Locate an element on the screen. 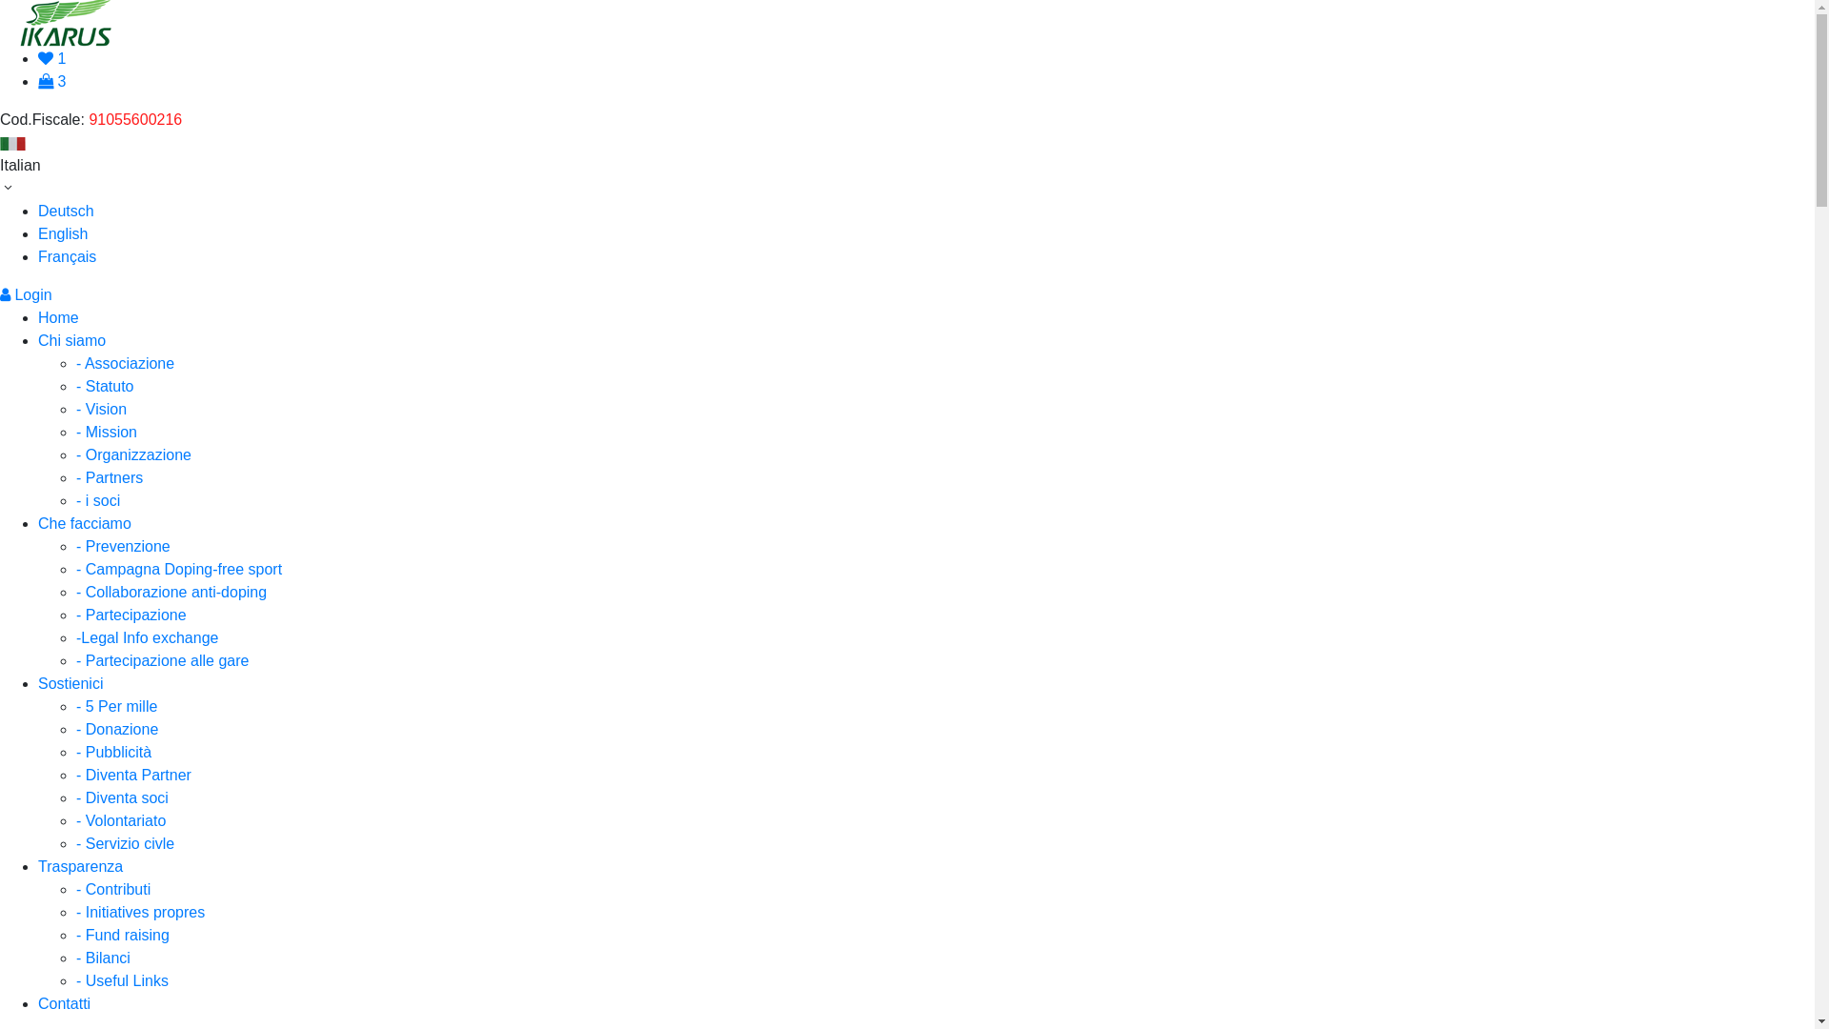 Image resolution: width=1829 pixels, height=1029 pixels. 'Trasparenza' is located at coordinates (37, 866).